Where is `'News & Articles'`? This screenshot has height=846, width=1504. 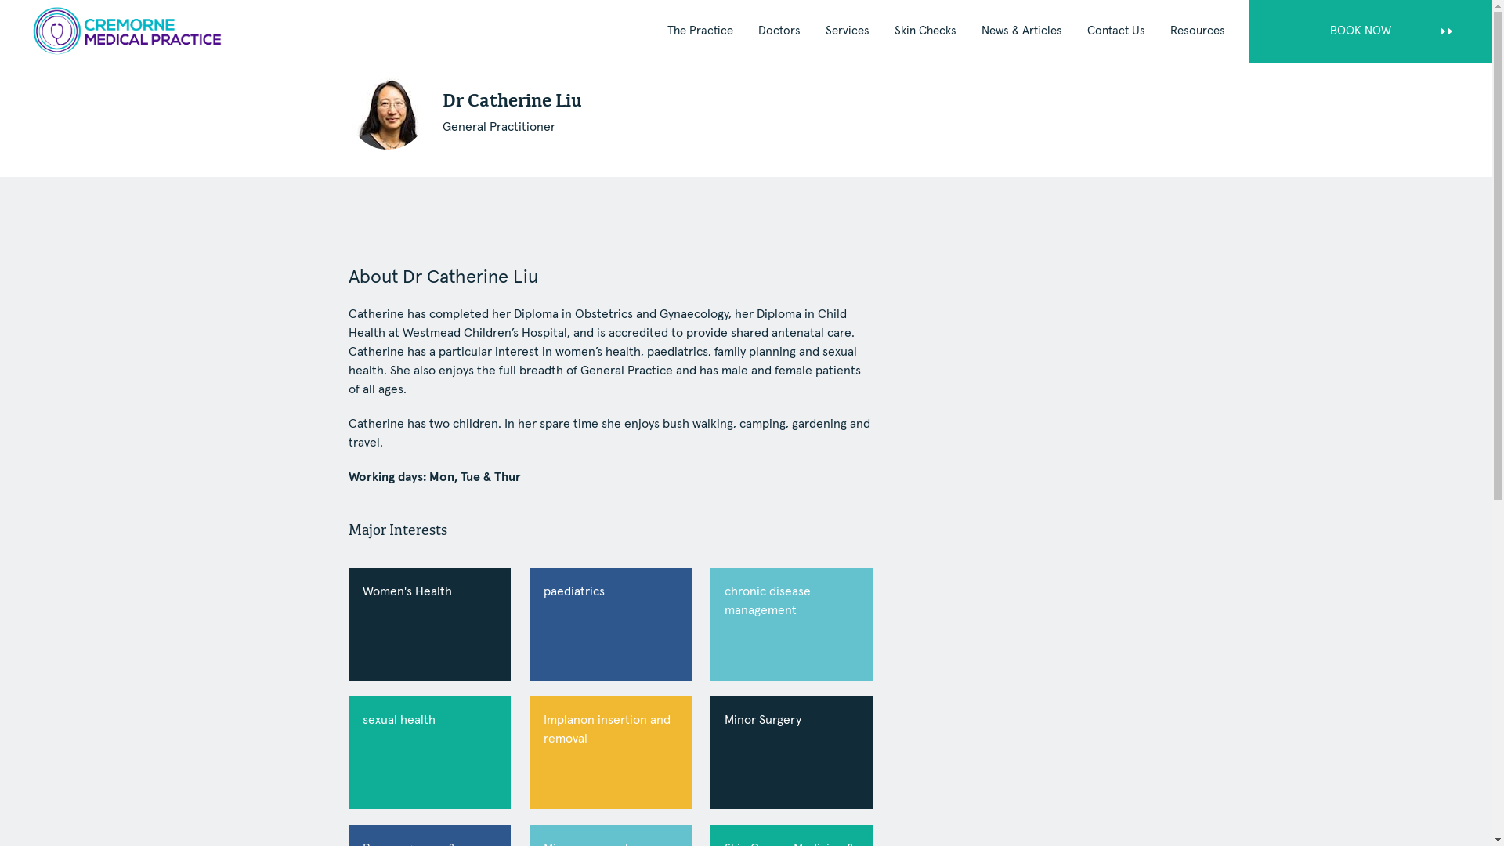 'News & Articles' is located at coordinates (1021, 31).